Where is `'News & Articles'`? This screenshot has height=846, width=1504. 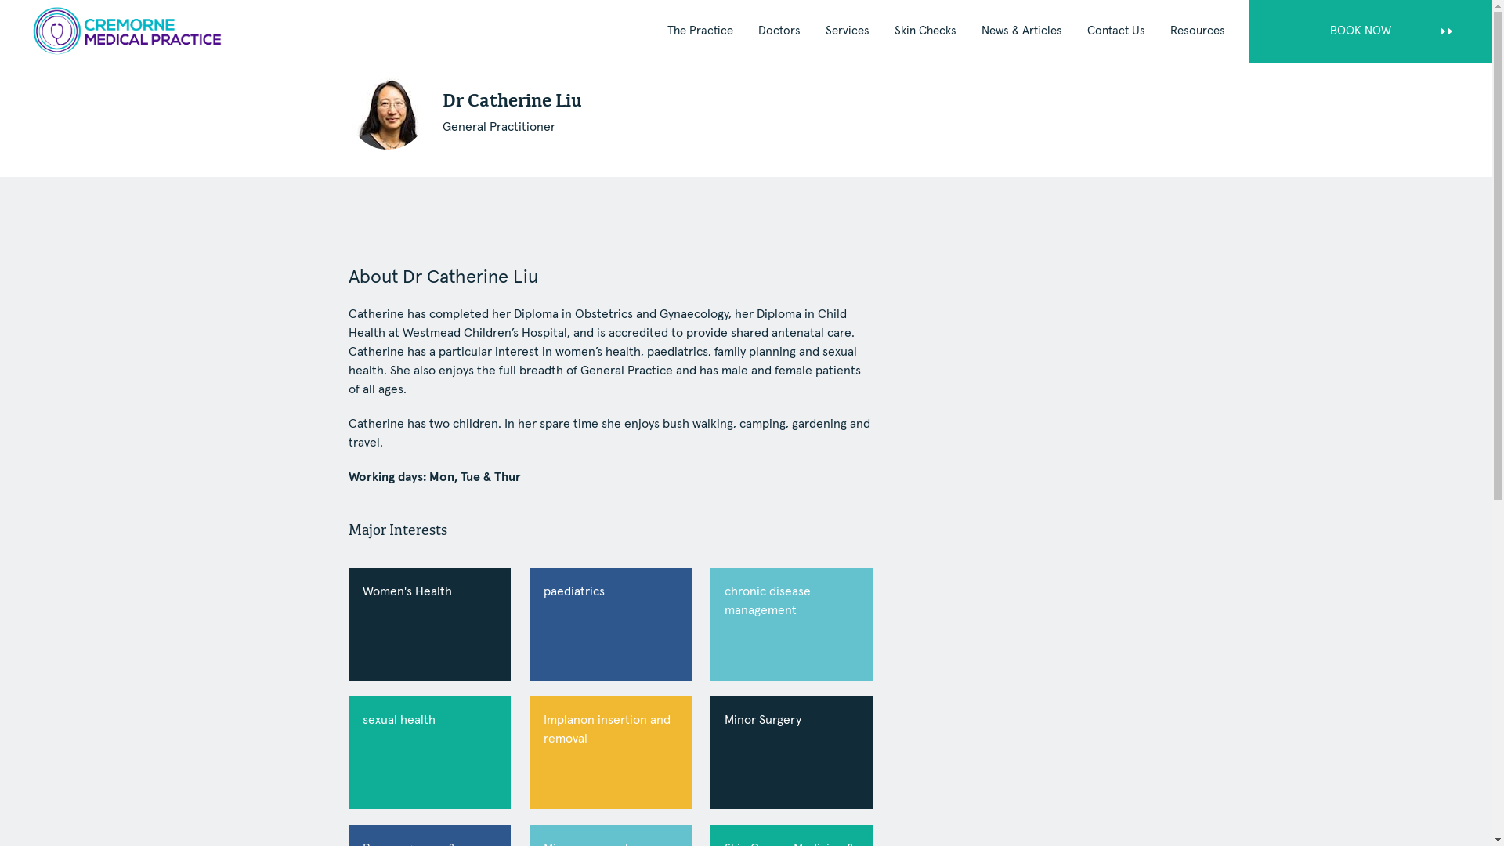 'News & Articles' is located at coordinates (1021, 31).